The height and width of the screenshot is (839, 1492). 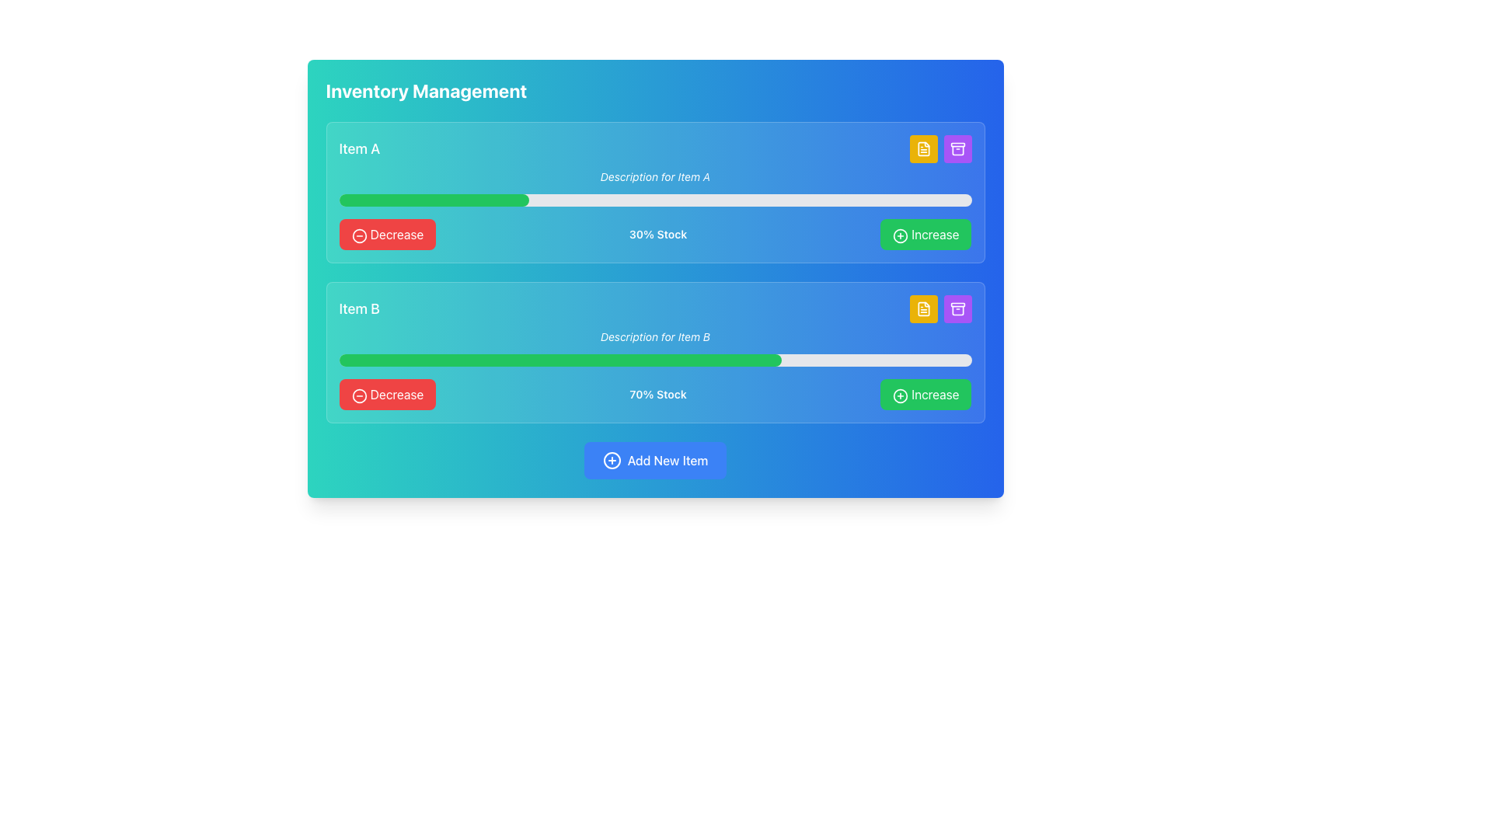 What do you see at coordinates (658, 234) in the screenshot?
I see `the text label displaying '30% Stock' which is centrally aligned above the progress bar in the 'Item A' section, positioned between the 'Decrease' and 'Increase' buttons` at bounding box center [658, 234].